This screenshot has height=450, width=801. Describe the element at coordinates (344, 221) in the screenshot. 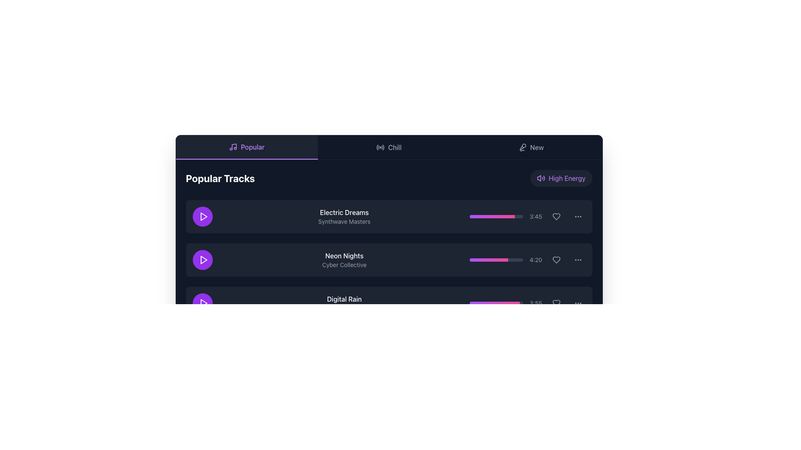

I see `the text label displaying 'Synthwave Masters', which is styled in a small, gray font and located beneath the 'Electric Dreams' text in a vertical list` at that location.